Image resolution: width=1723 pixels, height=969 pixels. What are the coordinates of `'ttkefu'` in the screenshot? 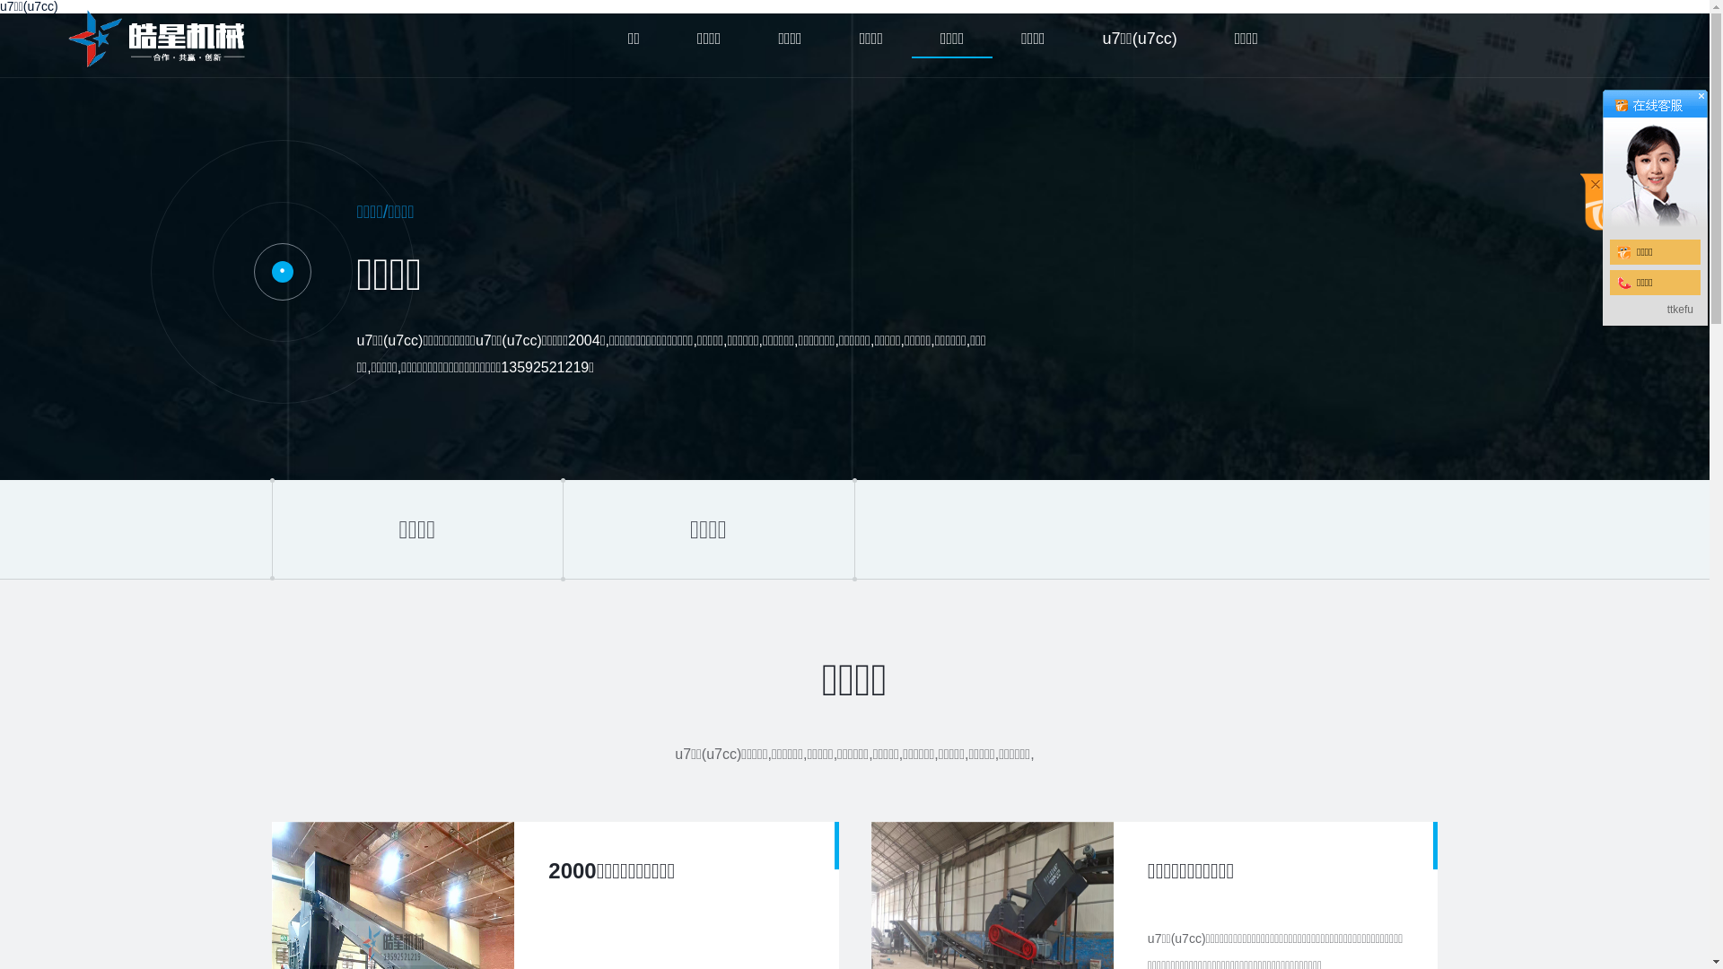 It's located at (1679, 308).